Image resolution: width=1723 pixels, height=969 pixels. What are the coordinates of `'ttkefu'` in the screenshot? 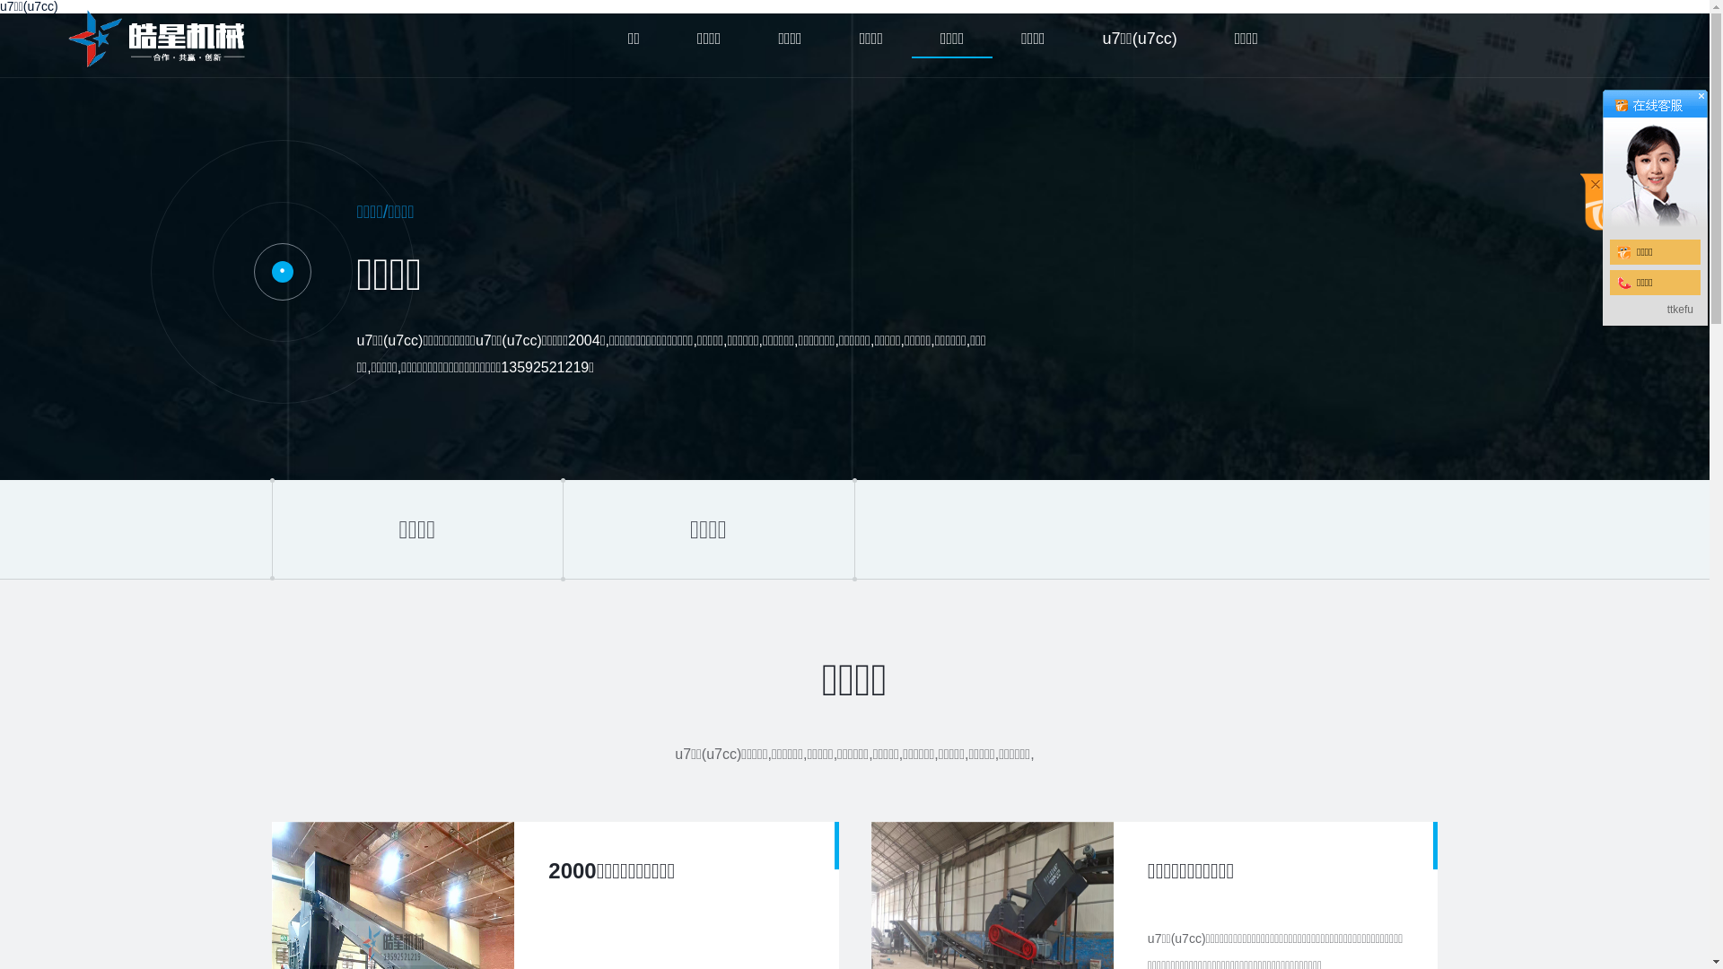 It's located at (1679, 308).